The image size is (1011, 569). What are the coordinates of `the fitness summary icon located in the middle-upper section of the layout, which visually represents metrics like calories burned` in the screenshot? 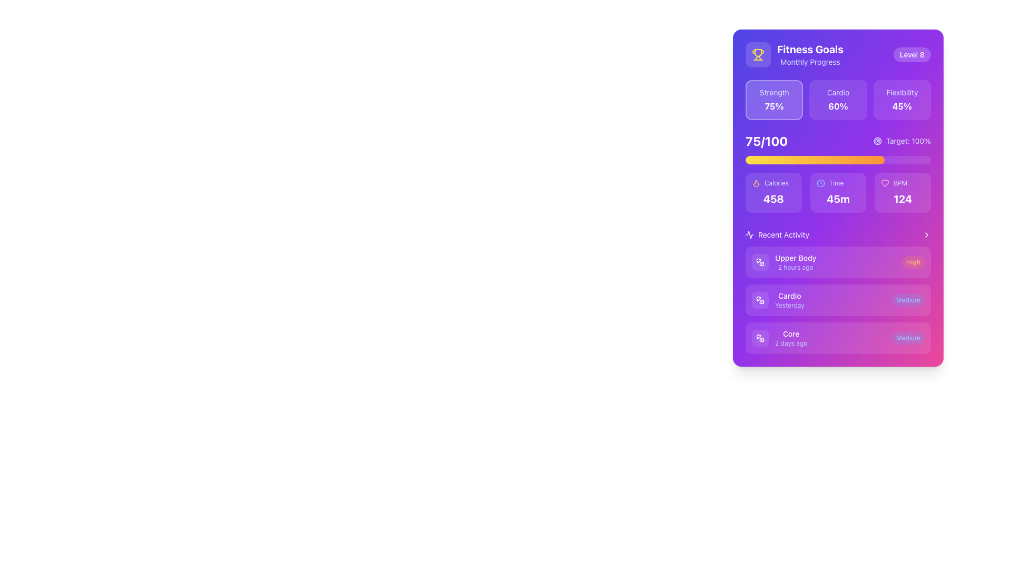 It's located at (755, 182).